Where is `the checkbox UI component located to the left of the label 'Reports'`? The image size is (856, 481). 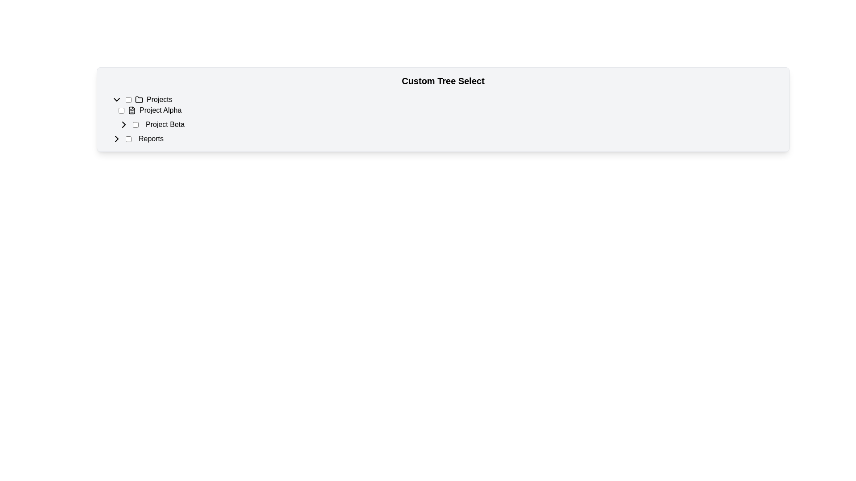 the checkbox UI component located to the left of the label 'Reports' is located at coordinates (128, 139).